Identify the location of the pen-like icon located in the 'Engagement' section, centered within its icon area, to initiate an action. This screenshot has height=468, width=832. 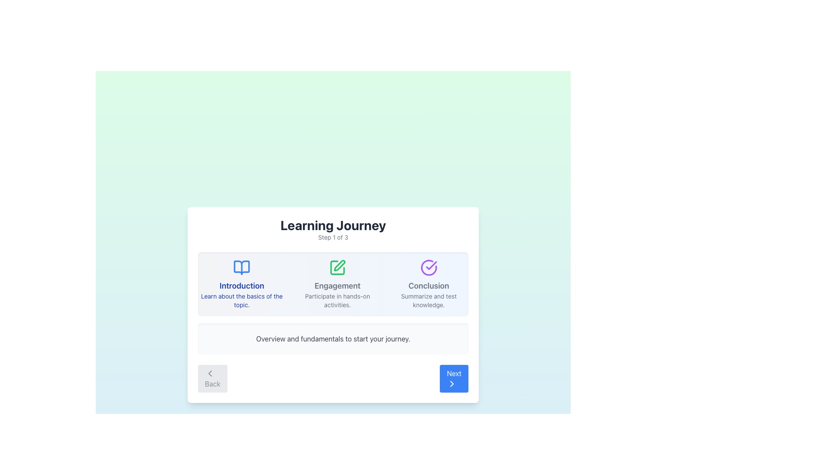
(339, 265).